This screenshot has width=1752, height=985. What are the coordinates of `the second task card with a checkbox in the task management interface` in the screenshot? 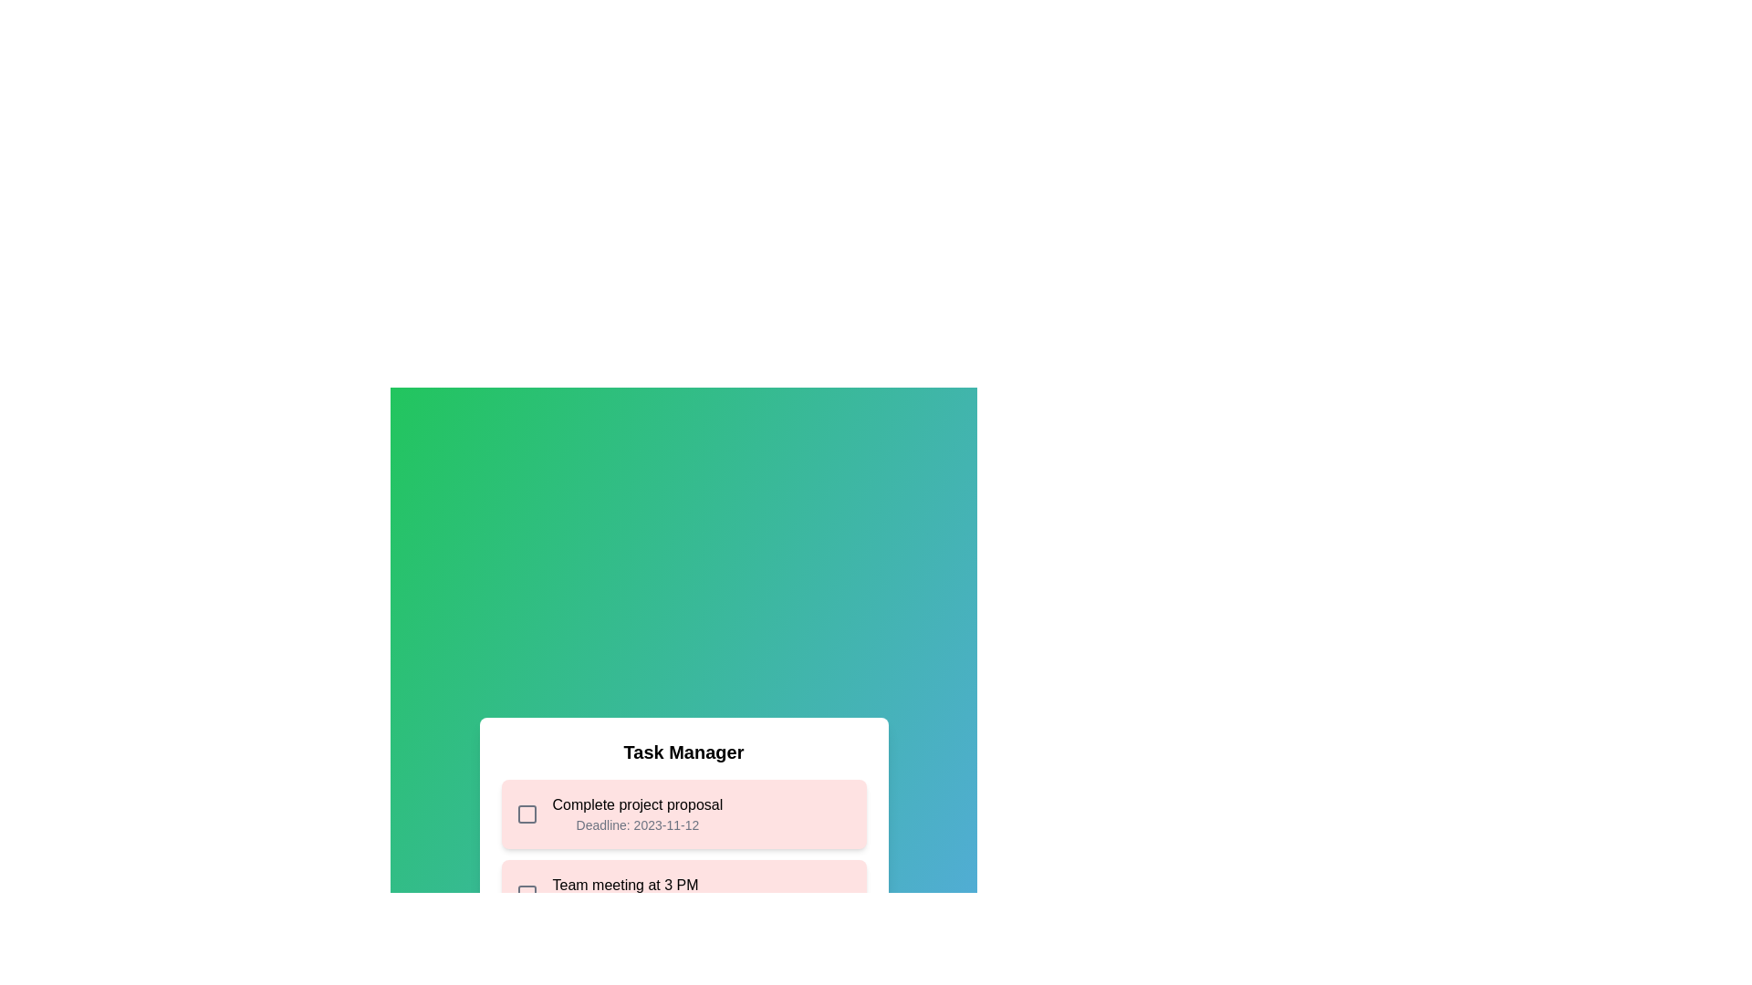 It's located at (683, 893).